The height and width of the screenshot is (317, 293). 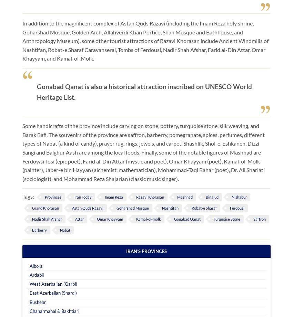 What do you see at coordinates (22, 152) in the screenshot?
I see `'Some handicrafts of the province include carving on stone, pottery, turquoise stone, silk weaving, and Barak Bafi. The souvenirs of the province are saffron, barberry, pomegranate, spices, perfumes, different types of Nabat (a kind of candy), prayer rug, rings, jewels, and carpet. Shashlik, Shol-e, Eshkaneh, Dizzi Sangi and Balghur Aash are among the local foods. Finally, some of the notable figures of Mashhad are Ferdowsi Tosi (epic poet), Farid al-Din Attar (mystic and poet), Omar Khayyam (poet), Kamal-ol-Molk (painter), Jaber-e bin Hayyan (alchemist, mathematician), Mohammad-Taqi Bahar (poet), Dr. Ali Shariati (sociologist), and Mohammad Reza Shajarian (classic music singer).'` at bounding box center [22, 152].